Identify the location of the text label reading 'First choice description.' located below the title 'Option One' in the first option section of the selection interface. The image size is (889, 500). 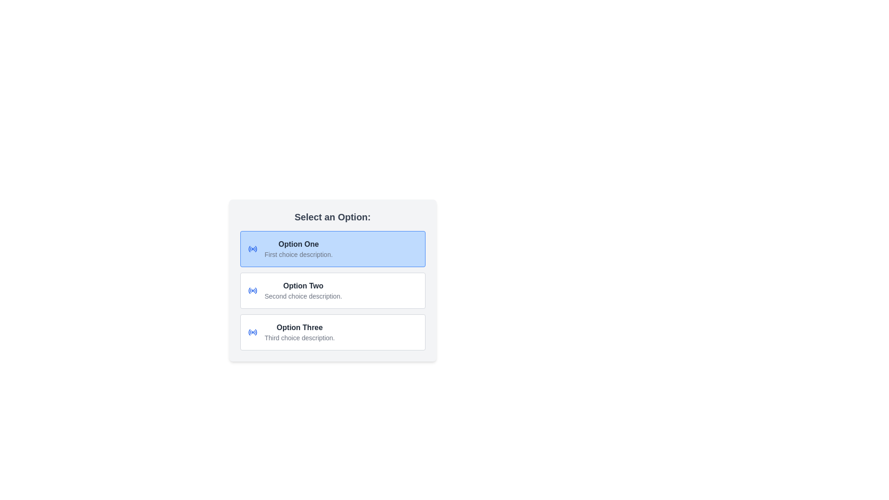
(299, 255).